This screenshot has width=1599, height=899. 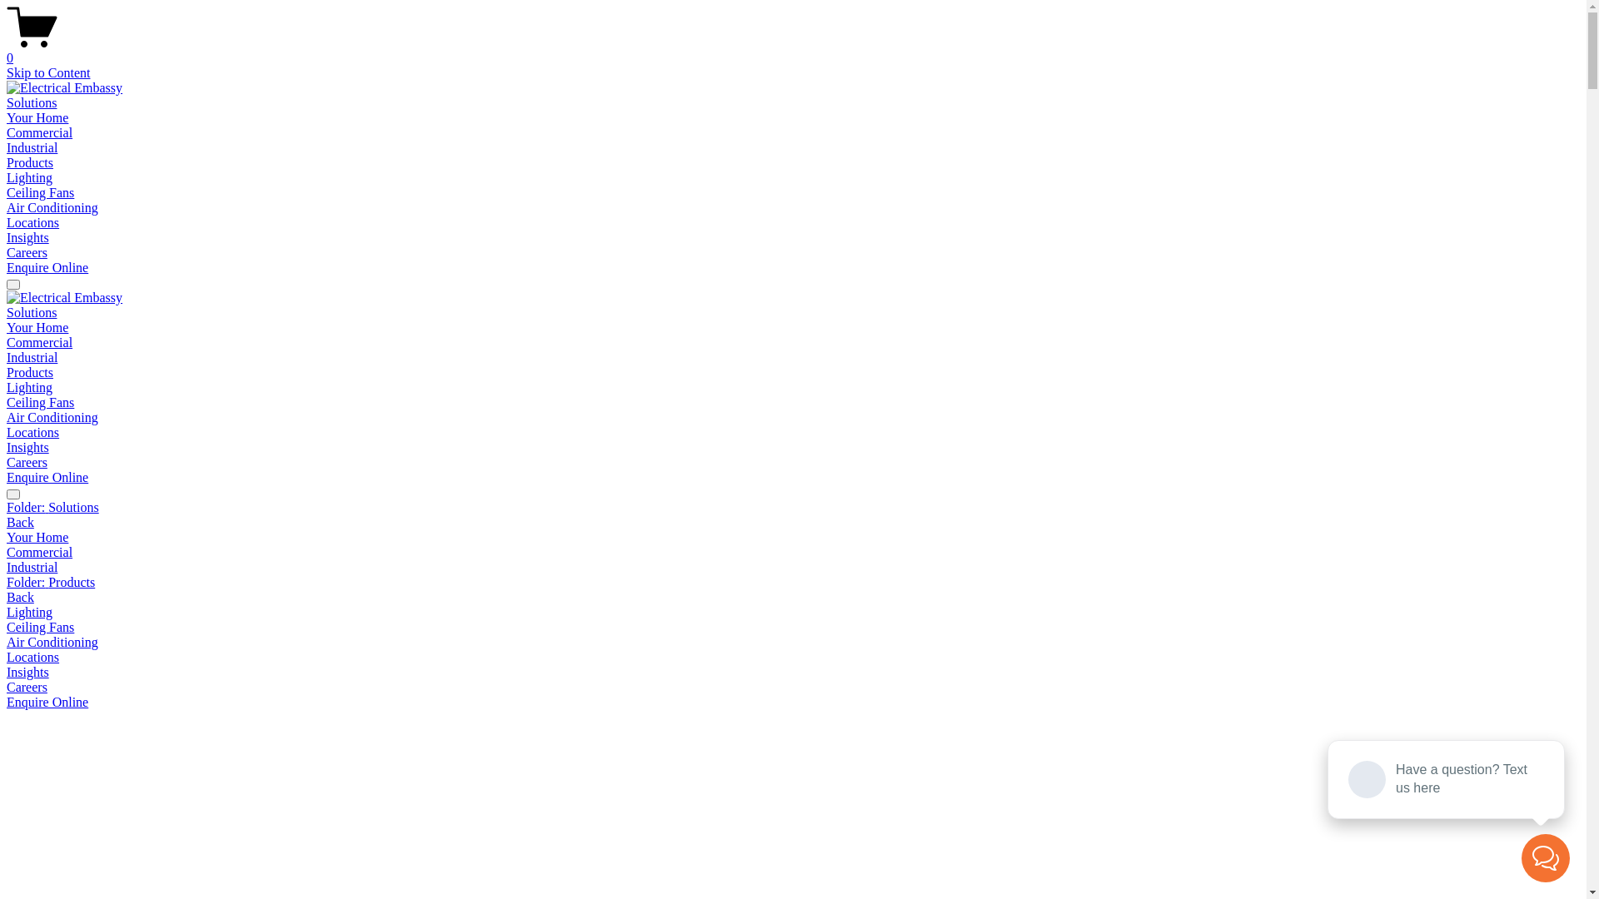 What do you see at coordinates (792, 641) in the screenshot?
I see `'Air Conditioning'` at bounding box center [792, 641].